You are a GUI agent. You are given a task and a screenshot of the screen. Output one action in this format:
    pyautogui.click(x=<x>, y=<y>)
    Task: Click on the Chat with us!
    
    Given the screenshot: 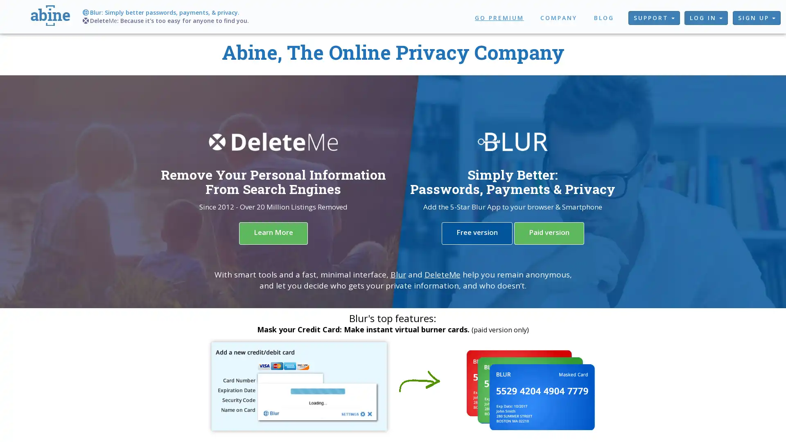 What is the action you would take?
    pyautogui.click(x=742, y=423)
    